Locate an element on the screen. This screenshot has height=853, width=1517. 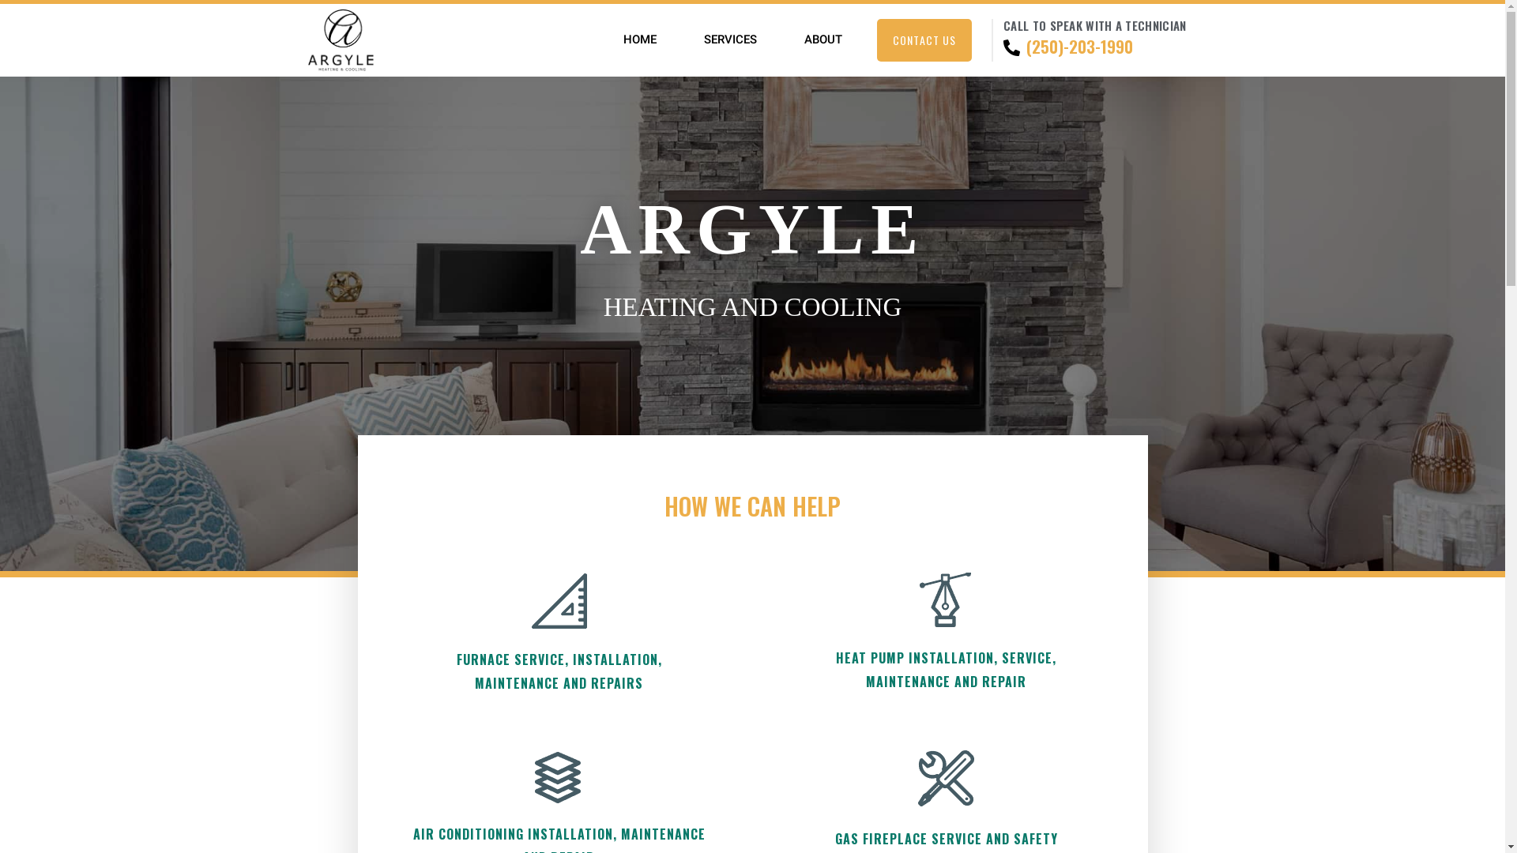
'(250)-203-1990' is located at coordinates (1070, 46).